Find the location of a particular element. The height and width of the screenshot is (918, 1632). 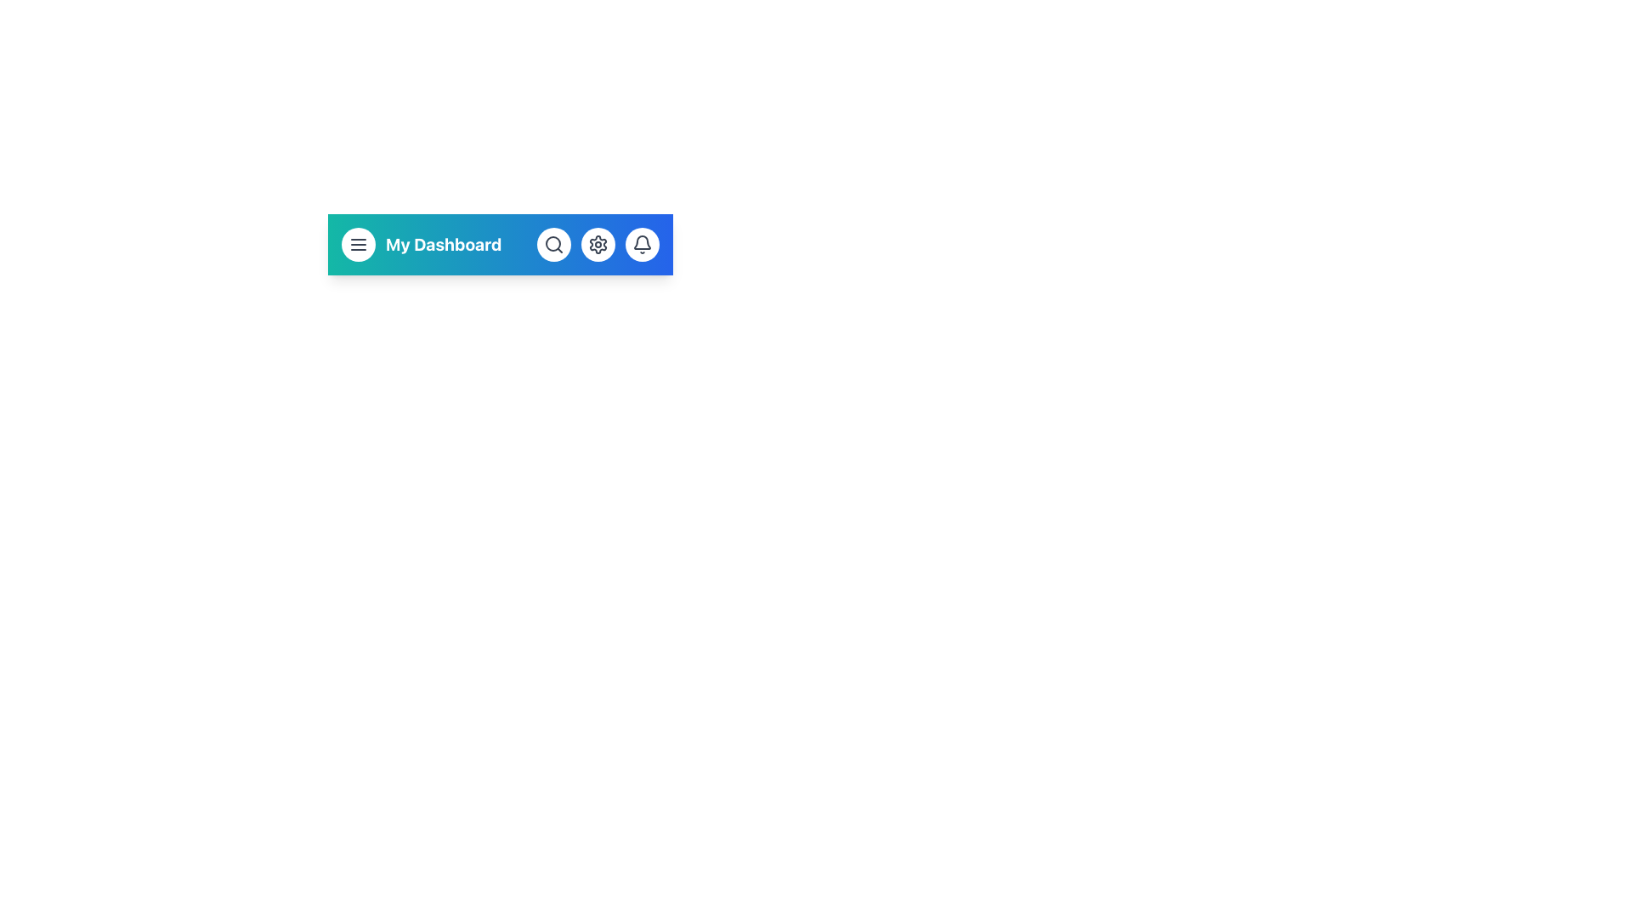

the 'My Dashboard' text label, which is a prominent navigation element displayed in bold white font on a blue gradient background, located within the navigation bar to the right of a menu icon is located at coordinates (444, 245).